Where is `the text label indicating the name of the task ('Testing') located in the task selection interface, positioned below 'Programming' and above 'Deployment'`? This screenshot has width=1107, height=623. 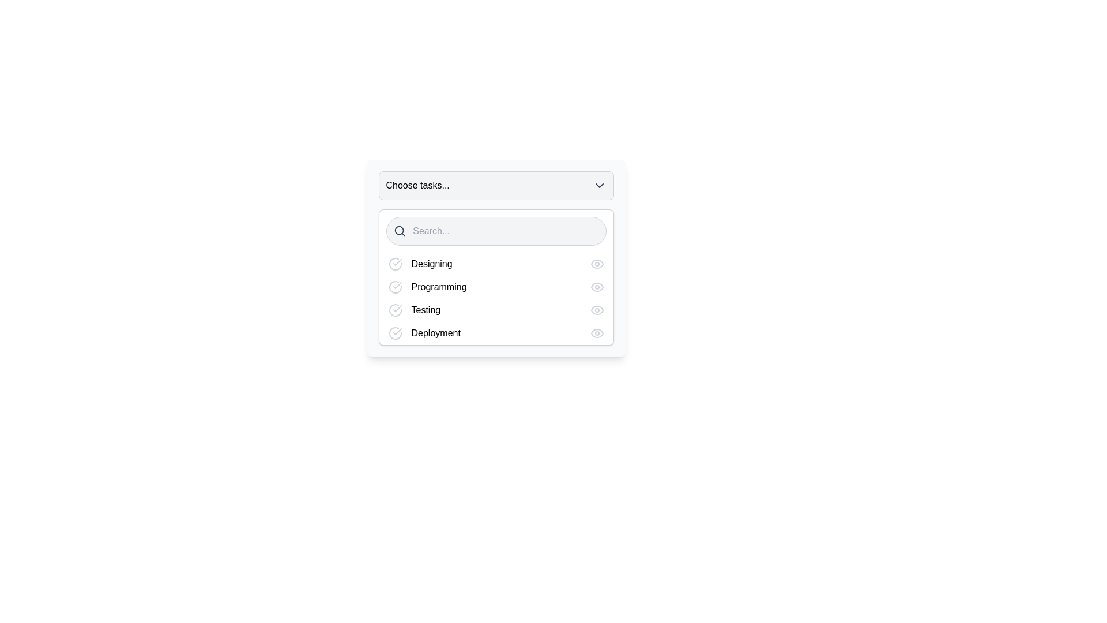 the text label indicating the name of the task ('Testing') located in the task selection interface, positioned below 'Programming' and above 'Deployment' is located at coordinates (425, 309).